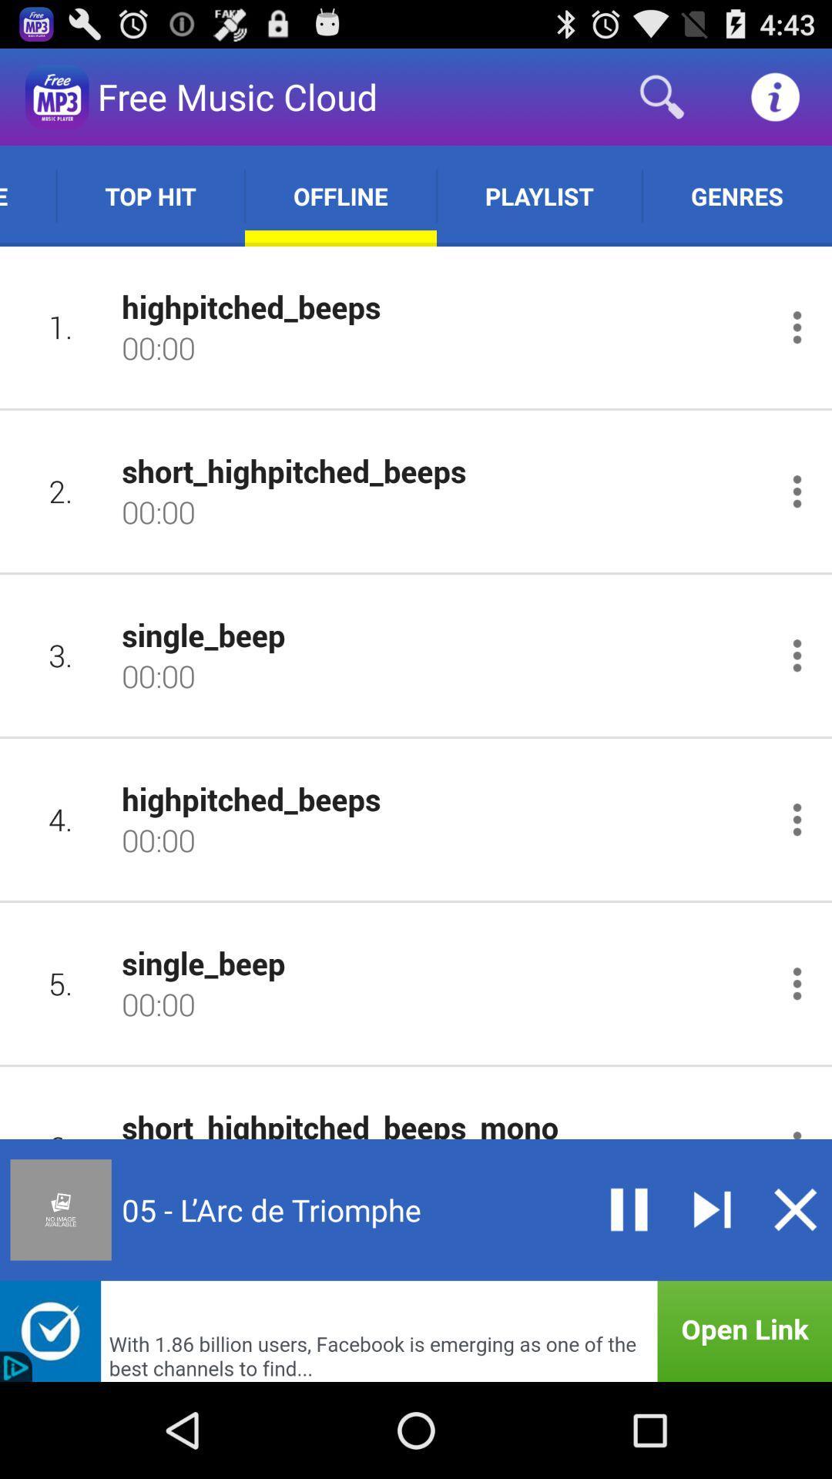  Describe the element at coordinates (795, 1209) in the screenshot. I see `removes blue boxed area so you can see the expanded menu` at that location.